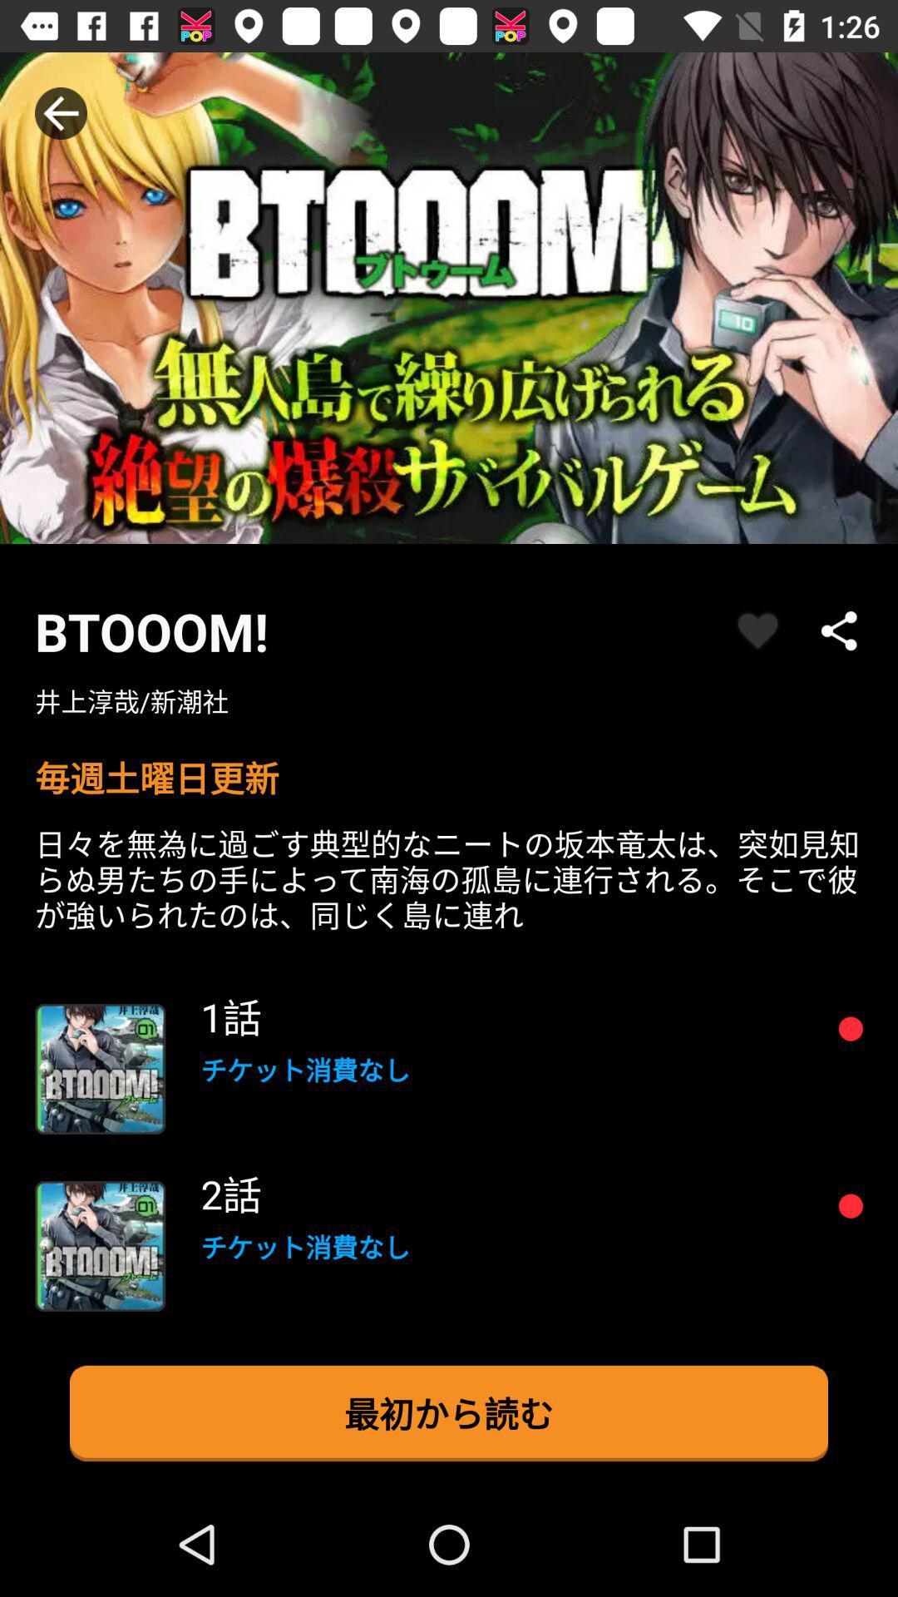 The height and width of the screenshot is (1597, 898). What do you see at coordinates (840, 630) in the screenshot?
I see `the share icon` at bounding box center [840, 630].